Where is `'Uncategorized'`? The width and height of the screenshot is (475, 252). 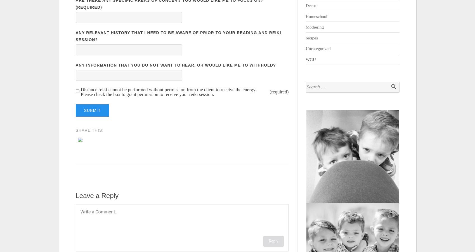 'Uncategorized' is located at coordinates (318, 48).